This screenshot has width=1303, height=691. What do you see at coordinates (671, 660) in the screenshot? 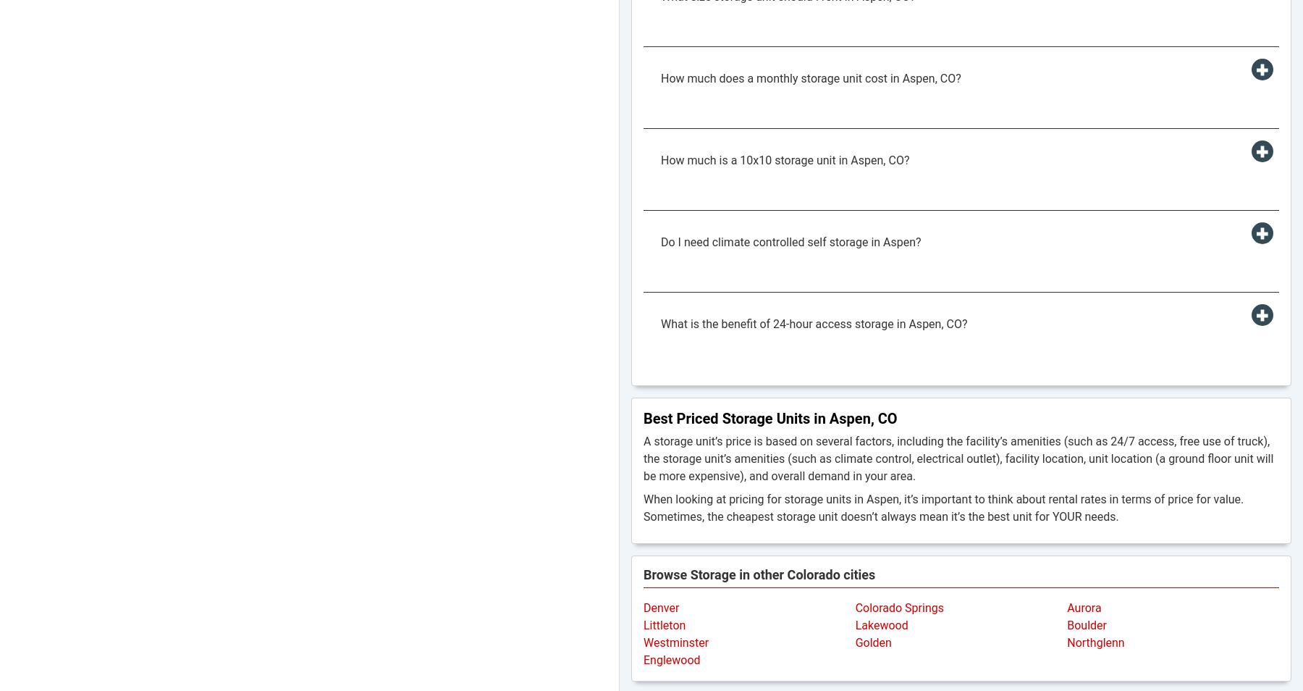
I see `'Englewood'` at bounding box center [671, 660].